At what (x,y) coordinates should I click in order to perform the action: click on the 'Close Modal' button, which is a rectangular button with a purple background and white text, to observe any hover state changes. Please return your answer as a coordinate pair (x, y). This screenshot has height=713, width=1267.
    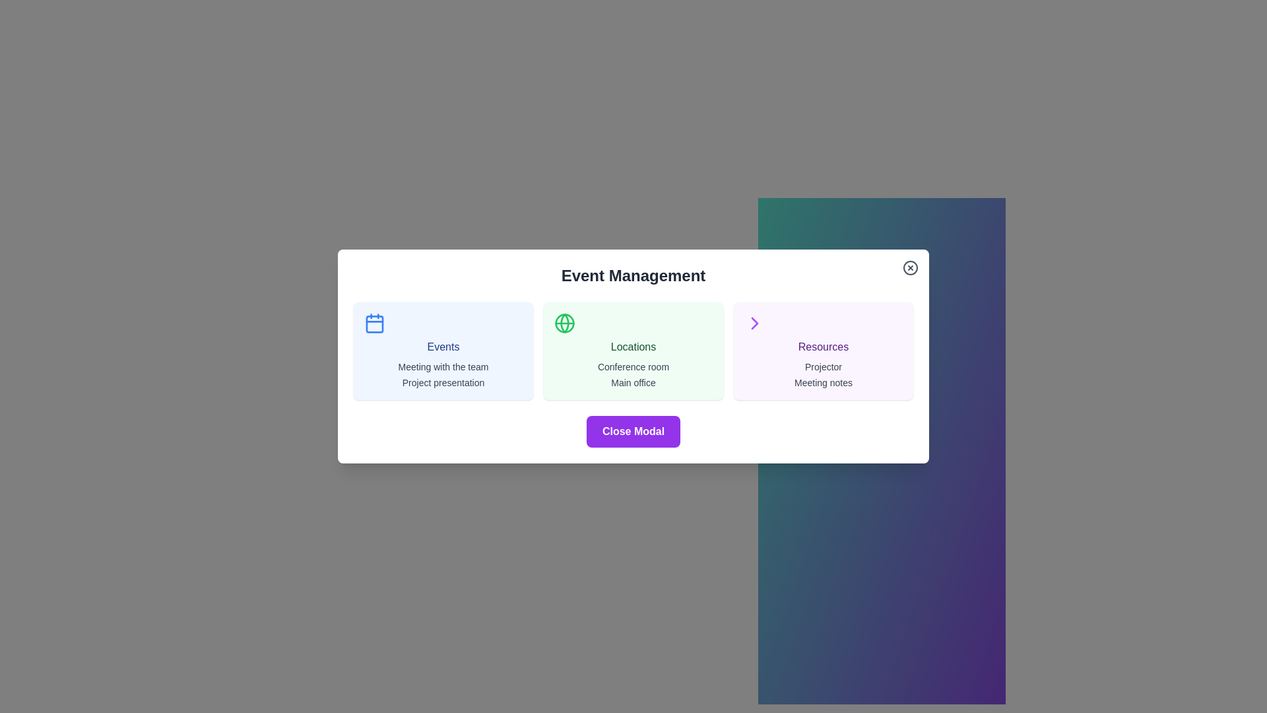
    Looking at the image, I should click on (633, 432).